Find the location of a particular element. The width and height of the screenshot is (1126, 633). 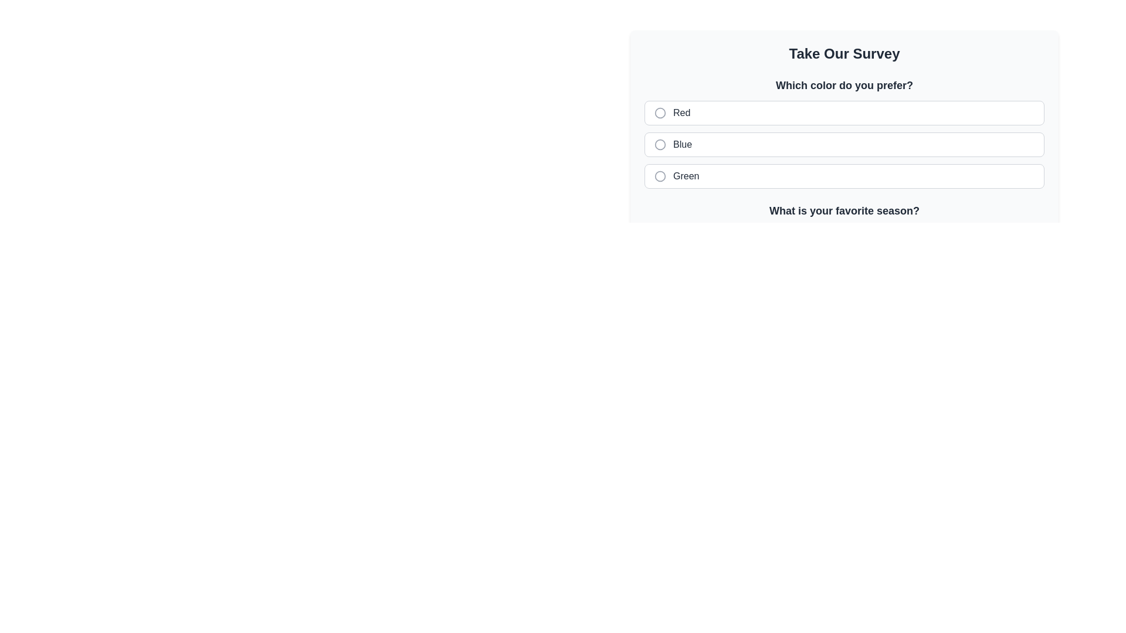

static text label that indicates the third selectable option 'Green' for the survey question 'Which color do you prefer?' is located at coordinates (686, 176).